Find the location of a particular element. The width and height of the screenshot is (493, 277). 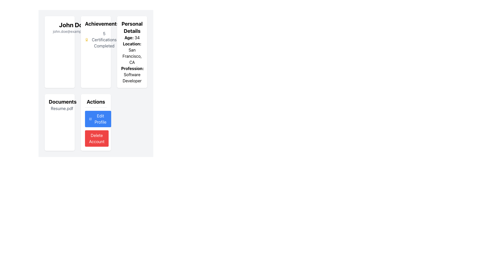

the 'Resume.pdf' text label located within the 'Documents' section, below the title 'Documents' is located at coordinates (62, 108).